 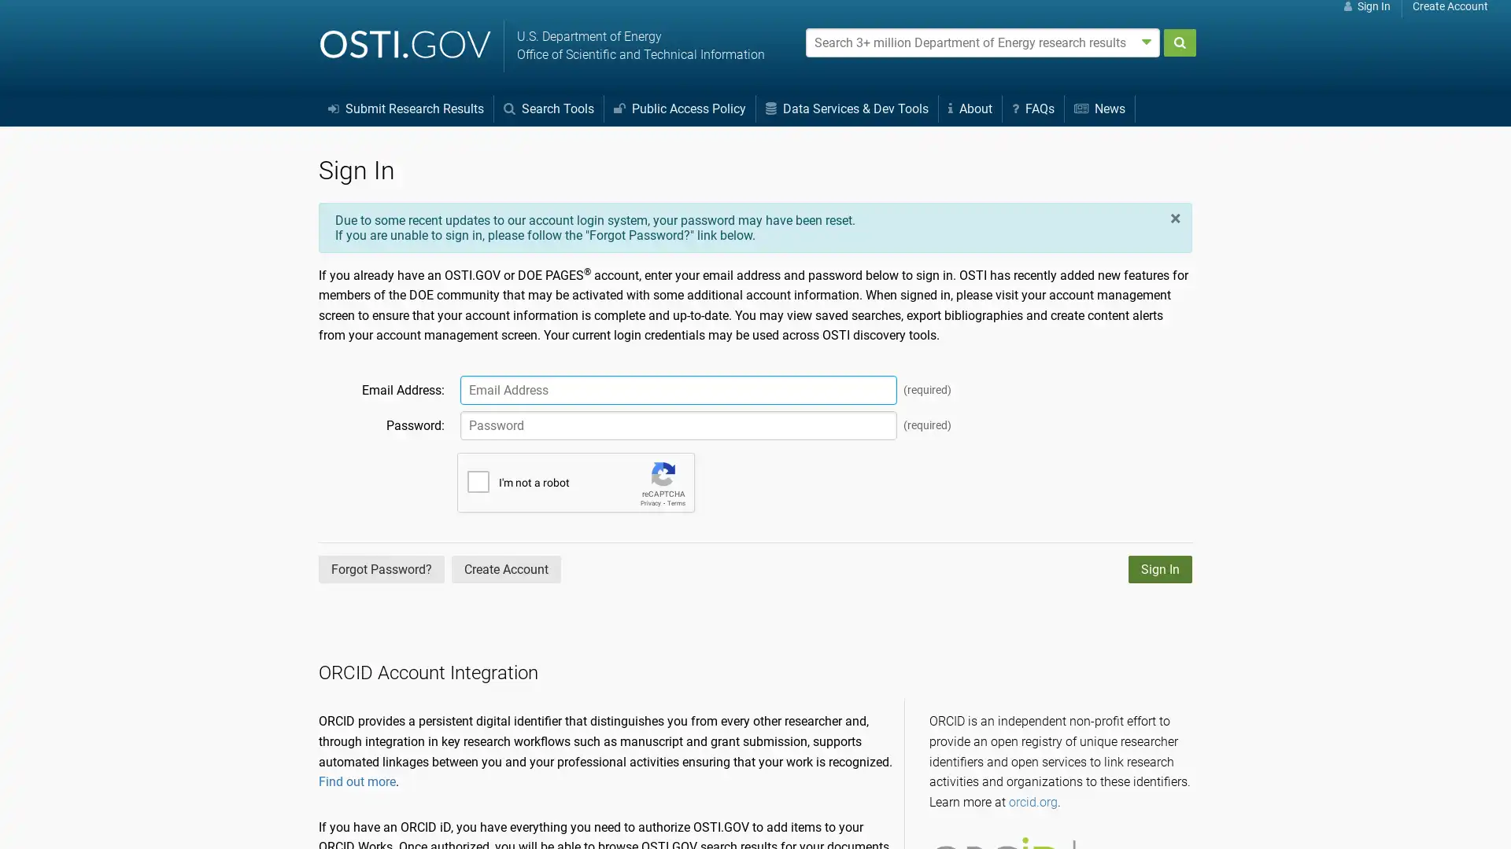 What do you see at coordinates (506, 568) in the screenshot?
I see `Create Account` at bounding box center [506, 568].